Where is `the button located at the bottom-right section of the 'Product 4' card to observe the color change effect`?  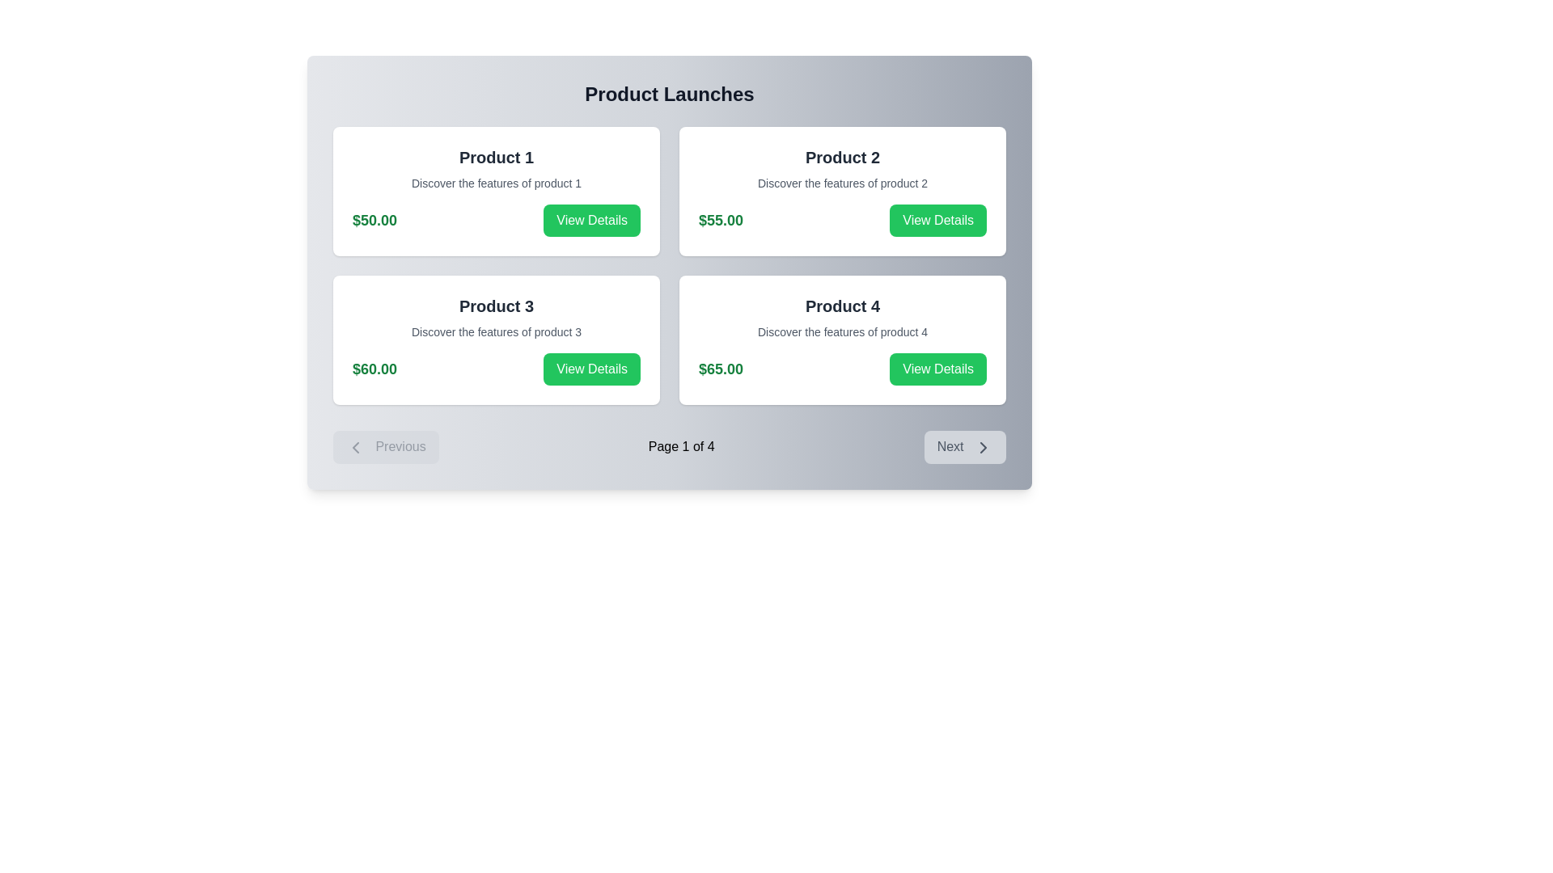
the button located at the bottom-right section of the 'Product 4' card to observe the color change effect is located at coordinates (938, 369).